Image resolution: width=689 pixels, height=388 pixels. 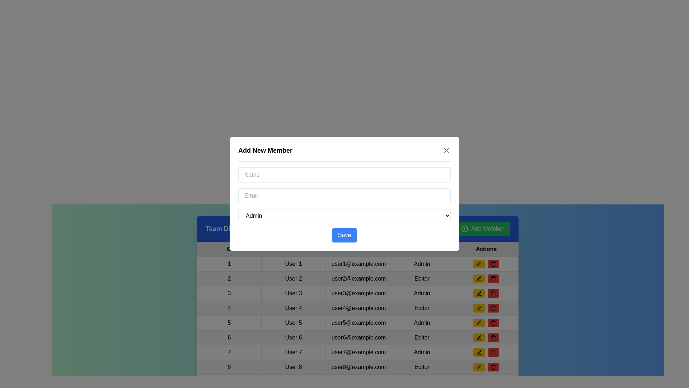 I want to click on the trash can icon button located within the red circular button in the 'Actions' column of the eighth row, so click(x=493, y=278).